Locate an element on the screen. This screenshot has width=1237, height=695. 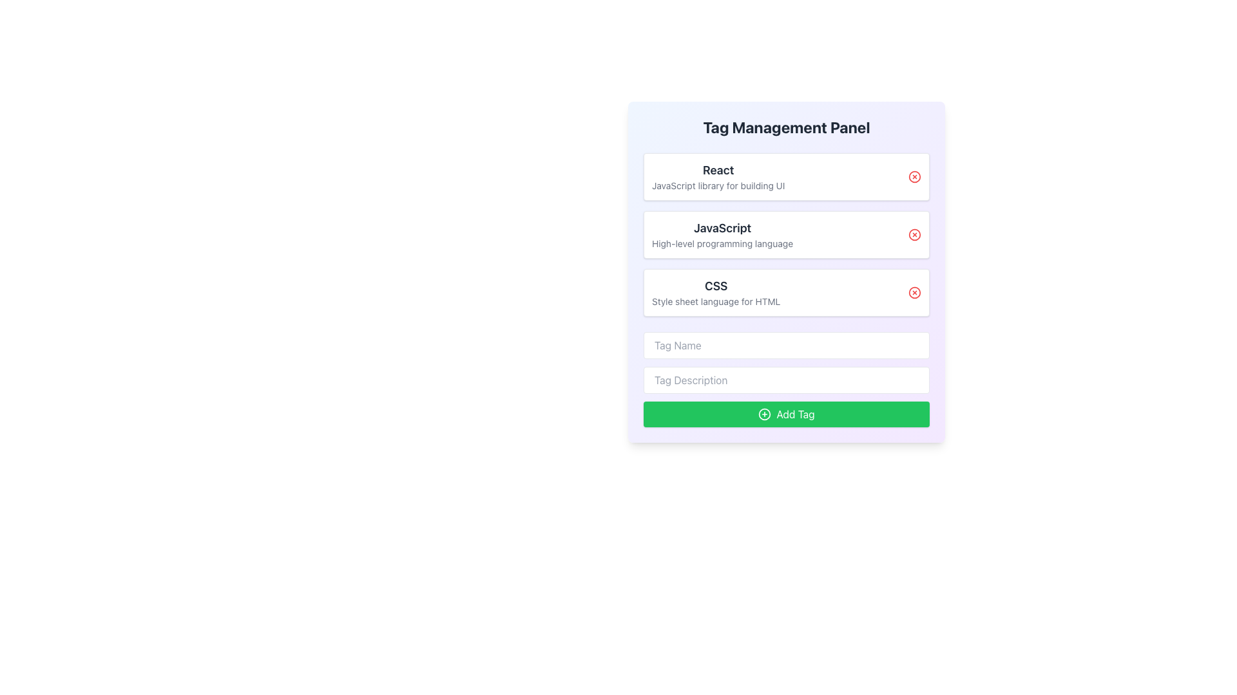
the 'Add Tag' button that contains the icon representing the addition or creation action, located at the bottom of the interface, to the left of the text 'Add Tag' is located at coordinates (765, 414).